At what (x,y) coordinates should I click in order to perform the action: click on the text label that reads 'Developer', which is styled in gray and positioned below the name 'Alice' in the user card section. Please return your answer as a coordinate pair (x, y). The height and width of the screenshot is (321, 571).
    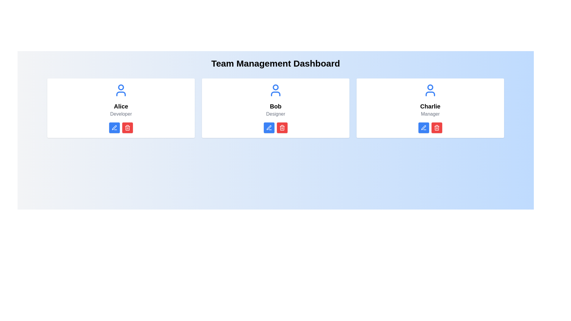
    Looking at the image, I should click on (121, 114).